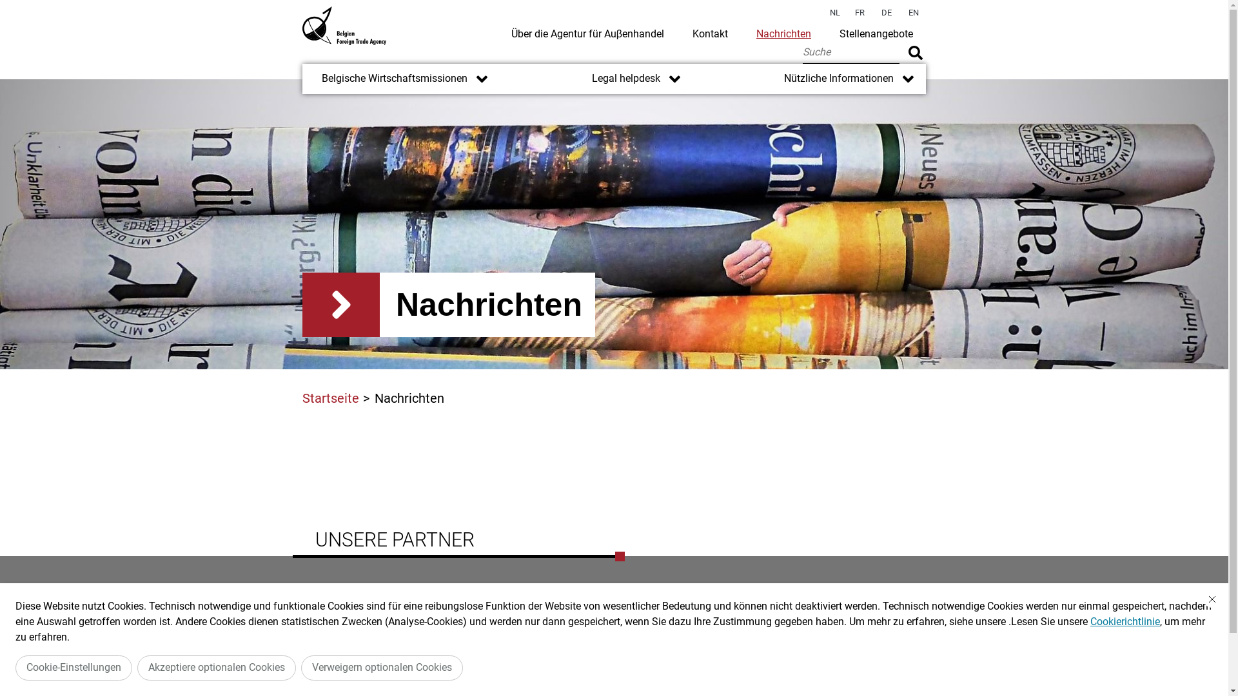 This screenshot has width=1238, height=696. I want to click on 'FR', so click(860, 13).